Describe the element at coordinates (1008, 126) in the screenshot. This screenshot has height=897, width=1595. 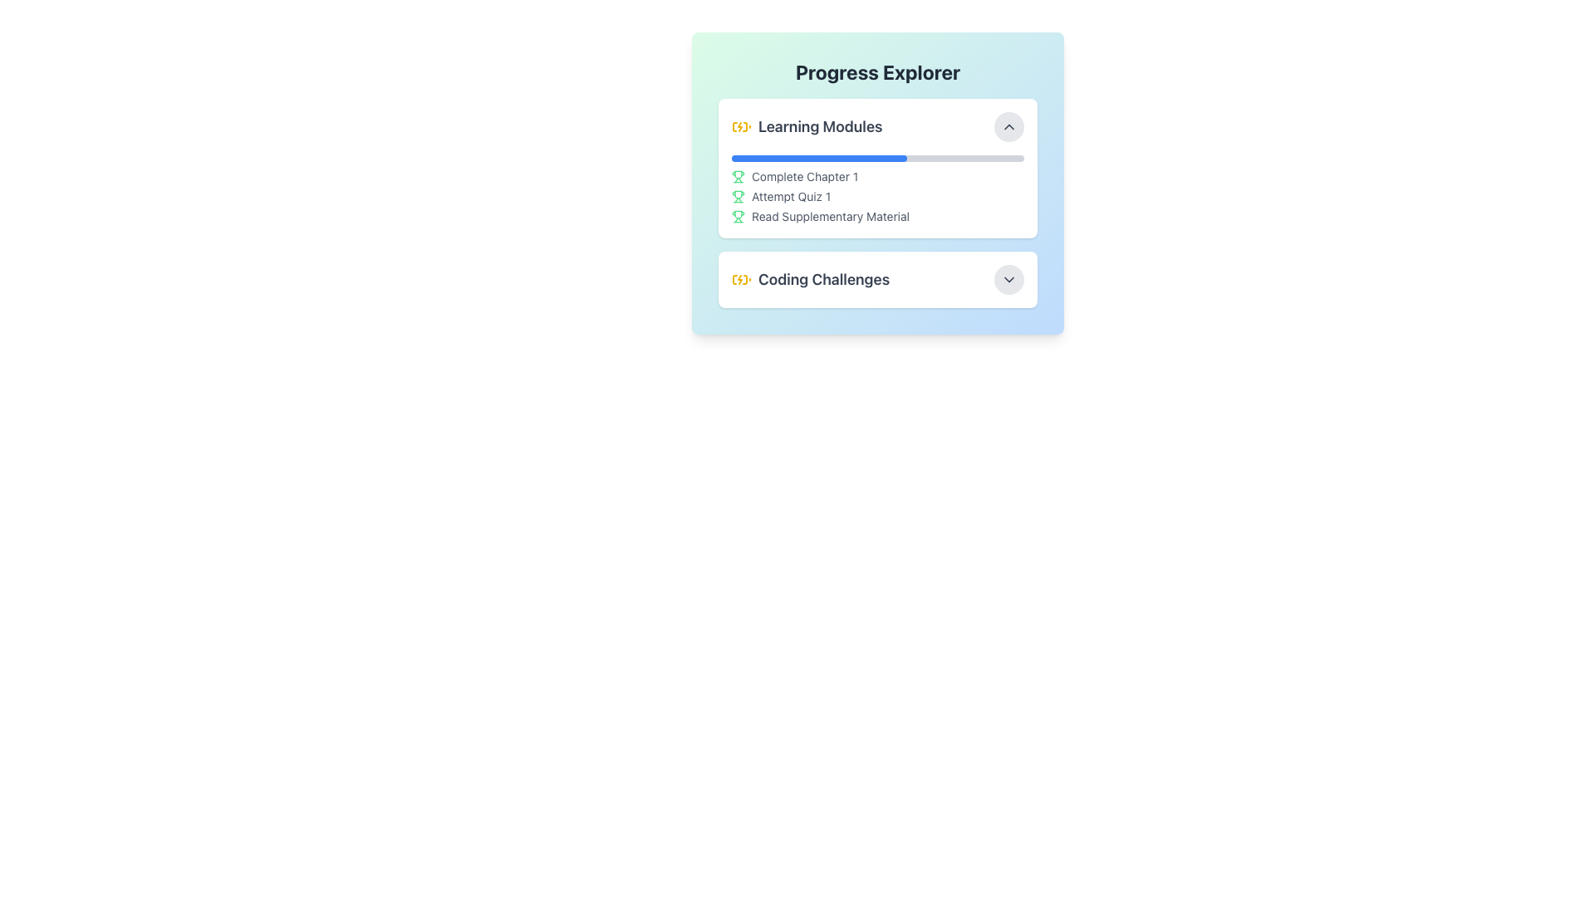
I see `the toggle button for 'Learning Modules' to trigger a style change` at that location.